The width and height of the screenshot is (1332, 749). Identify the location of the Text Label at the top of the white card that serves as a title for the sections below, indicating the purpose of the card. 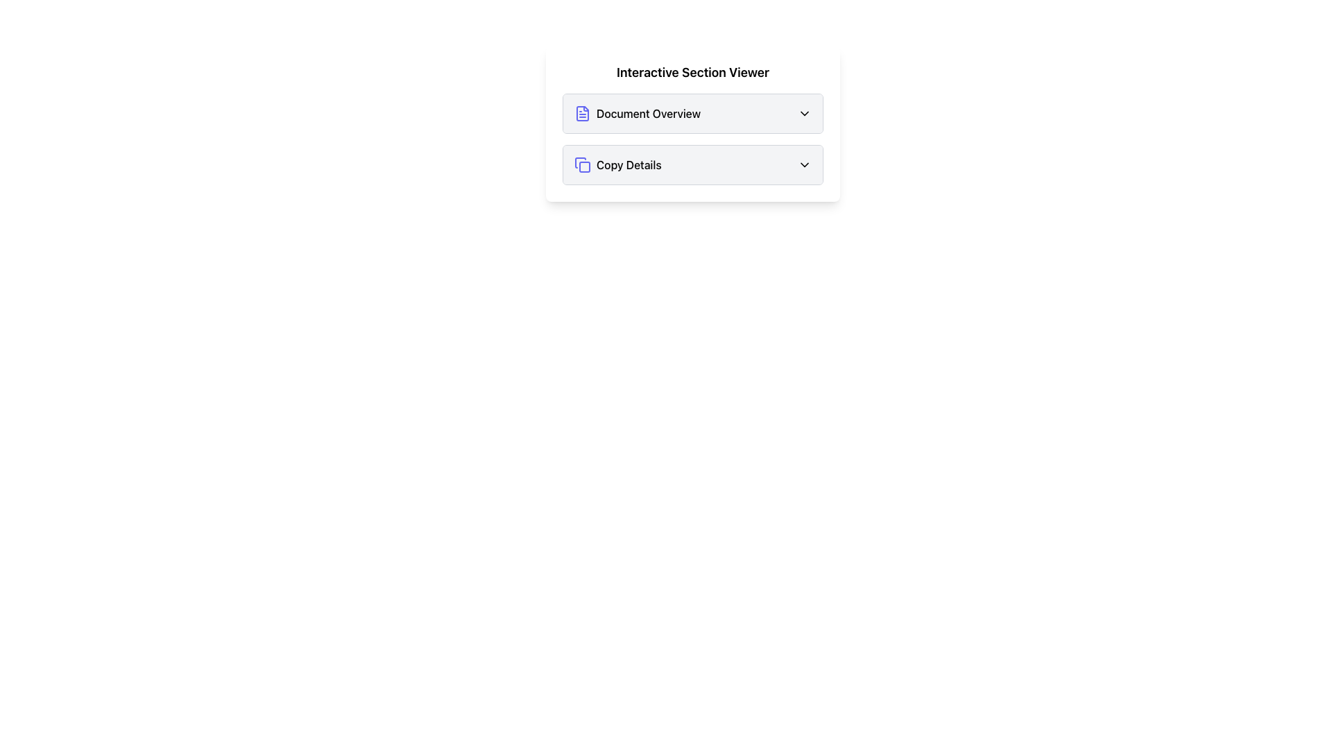
(692, 72).